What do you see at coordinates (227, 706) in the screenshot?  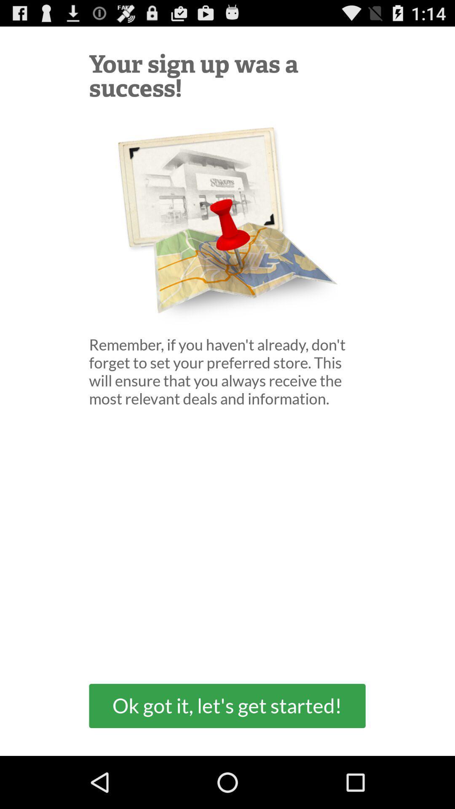 I see `item below remember if you item` at bounding box center [227, 706].